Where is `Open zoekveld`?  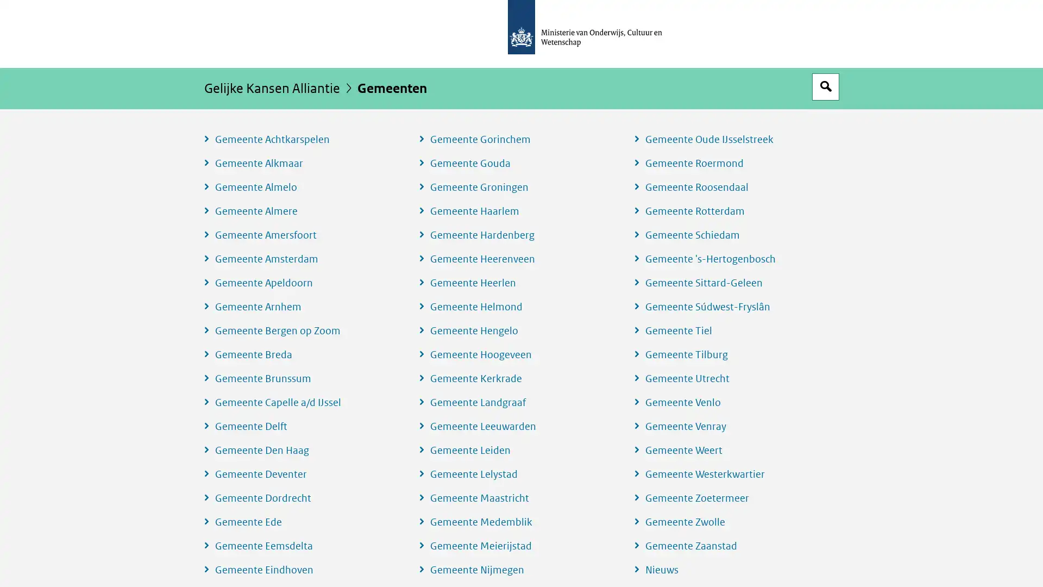
Open zoekveld is located at coordinates (826, 86).